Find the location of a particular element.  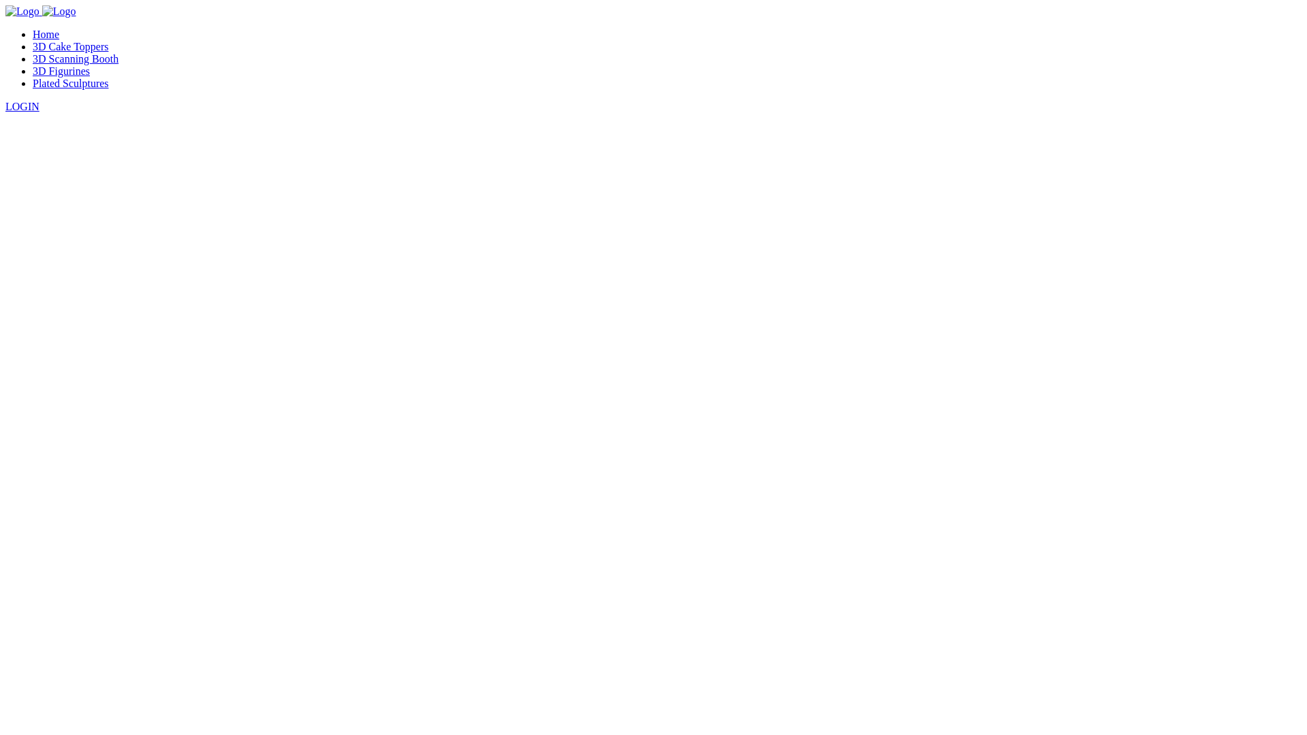

'3D Scanning Booth' is located at coordinates (74, 58).